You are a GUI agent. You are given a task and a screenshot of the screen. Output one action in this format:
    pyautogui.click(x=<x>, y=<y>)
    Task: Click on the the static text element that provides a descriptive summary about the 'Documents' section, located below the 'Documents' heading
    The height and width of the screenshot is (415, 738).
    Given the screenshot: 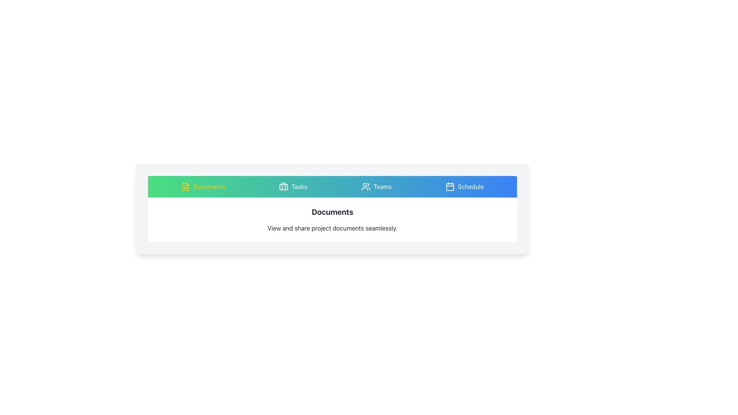 What is the action you would take?
    pyautogui.click(x=332, y=228)
    